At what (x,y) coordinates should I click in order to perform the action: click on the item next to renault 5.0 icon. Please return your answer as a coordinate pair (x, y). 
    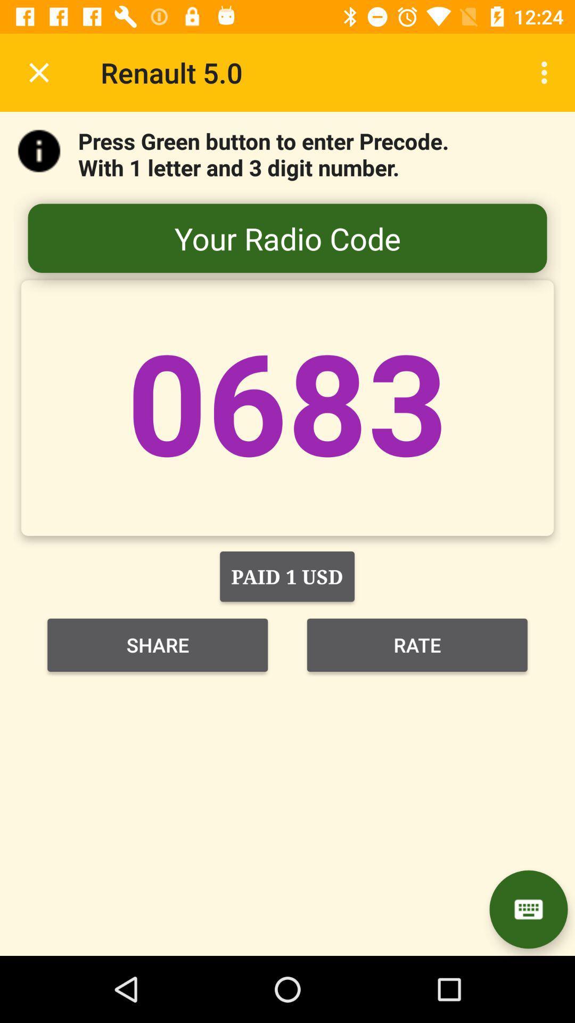
    Looking at the image, I should click on (547, 72).